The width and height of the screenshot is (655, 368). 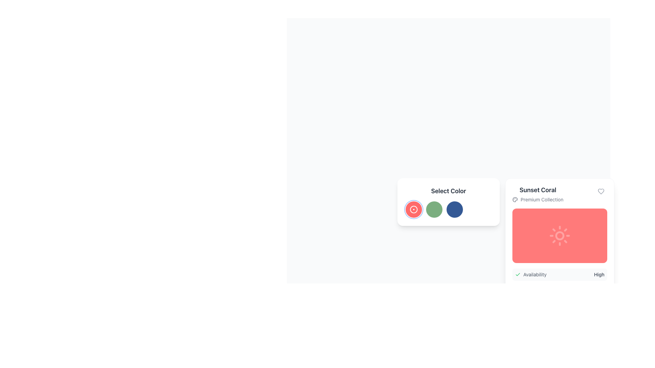 What do you see at coordinates (455, 209) in the screenshot?
I see `the circular blue button, which is the third in a horizontal sequence of three buttons` at bounding box center [455, 209].